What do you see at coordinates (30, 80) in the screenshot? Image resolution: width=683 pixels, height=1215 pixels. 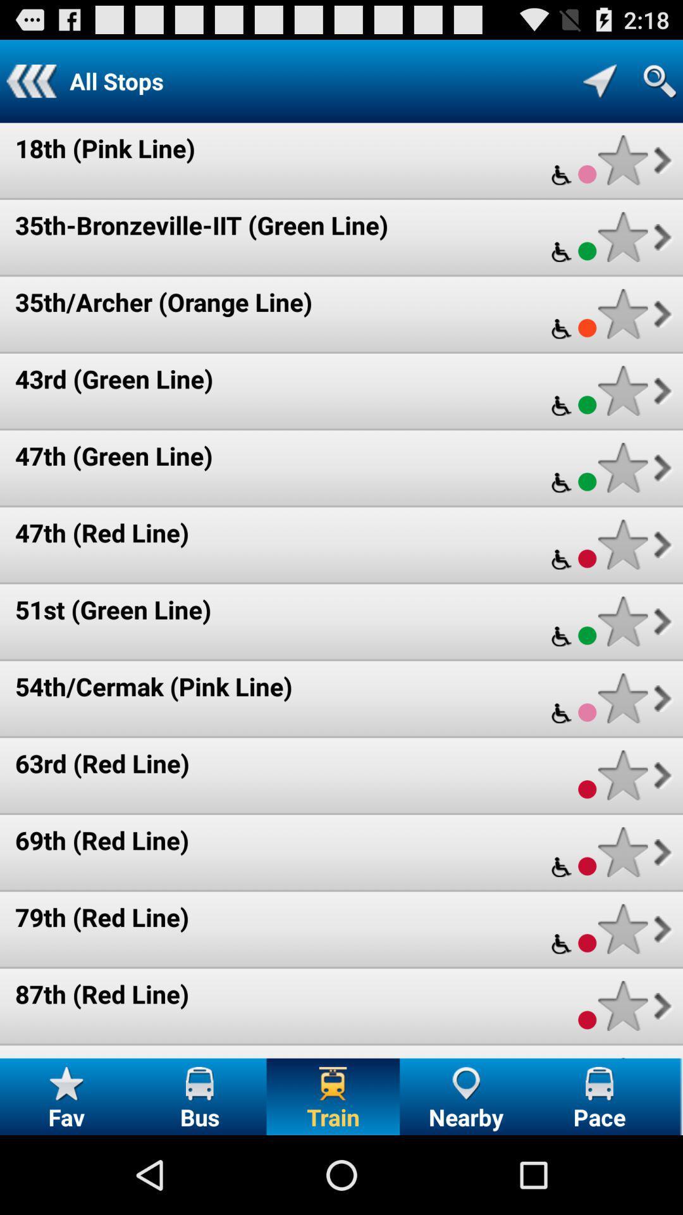 I see `app above 18th (pink line) icon` at bounding box center [30, 80].